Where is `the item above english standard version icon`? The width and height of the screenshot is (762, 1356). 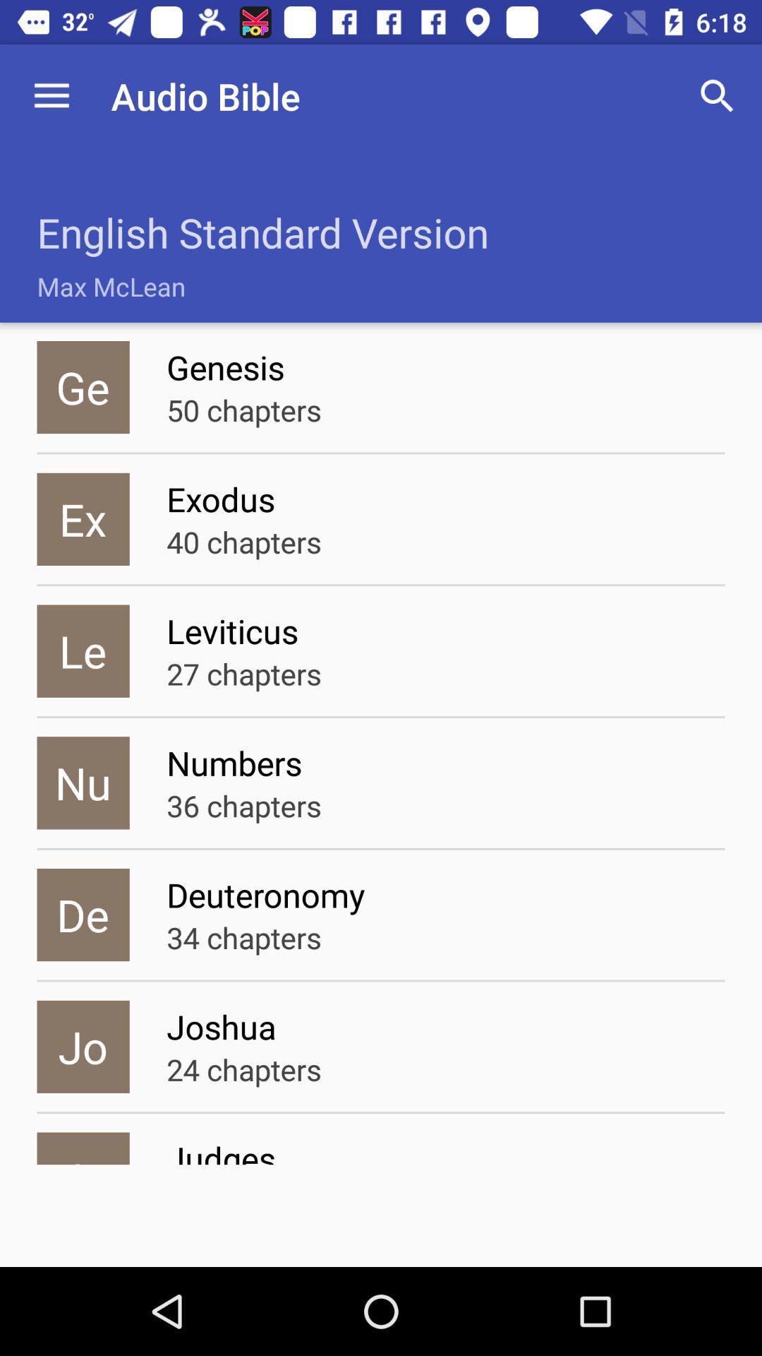 the item above english standard version icon is located at coordinates (51, 95).